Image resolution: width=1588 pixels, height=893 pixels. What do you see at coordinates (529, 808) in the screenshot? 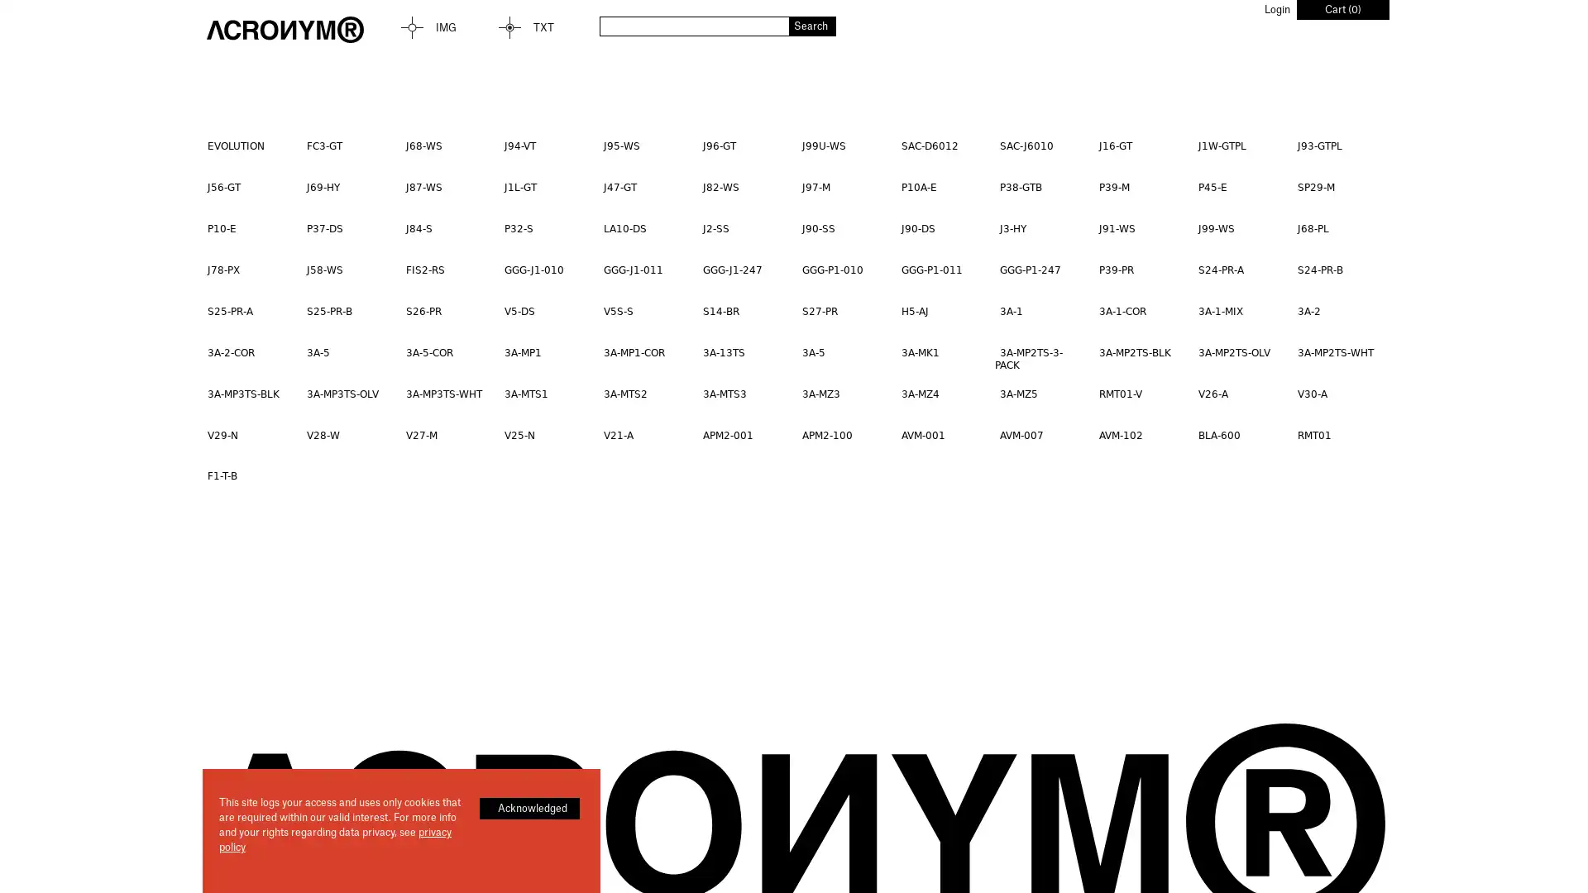
I see `Acknowledged` at bounding box center [529, 808].